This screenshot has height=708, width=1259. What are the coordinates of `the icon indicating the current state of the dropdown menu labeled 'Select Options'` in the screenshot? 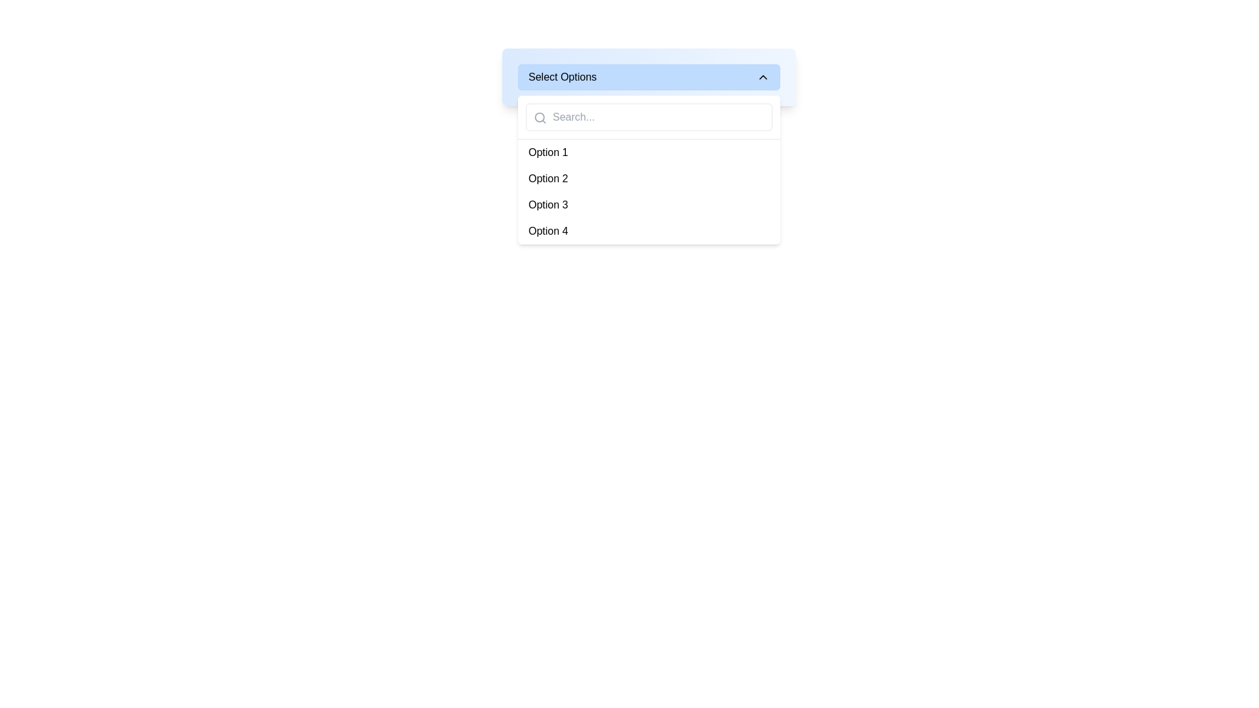 It's located at (763, 77).